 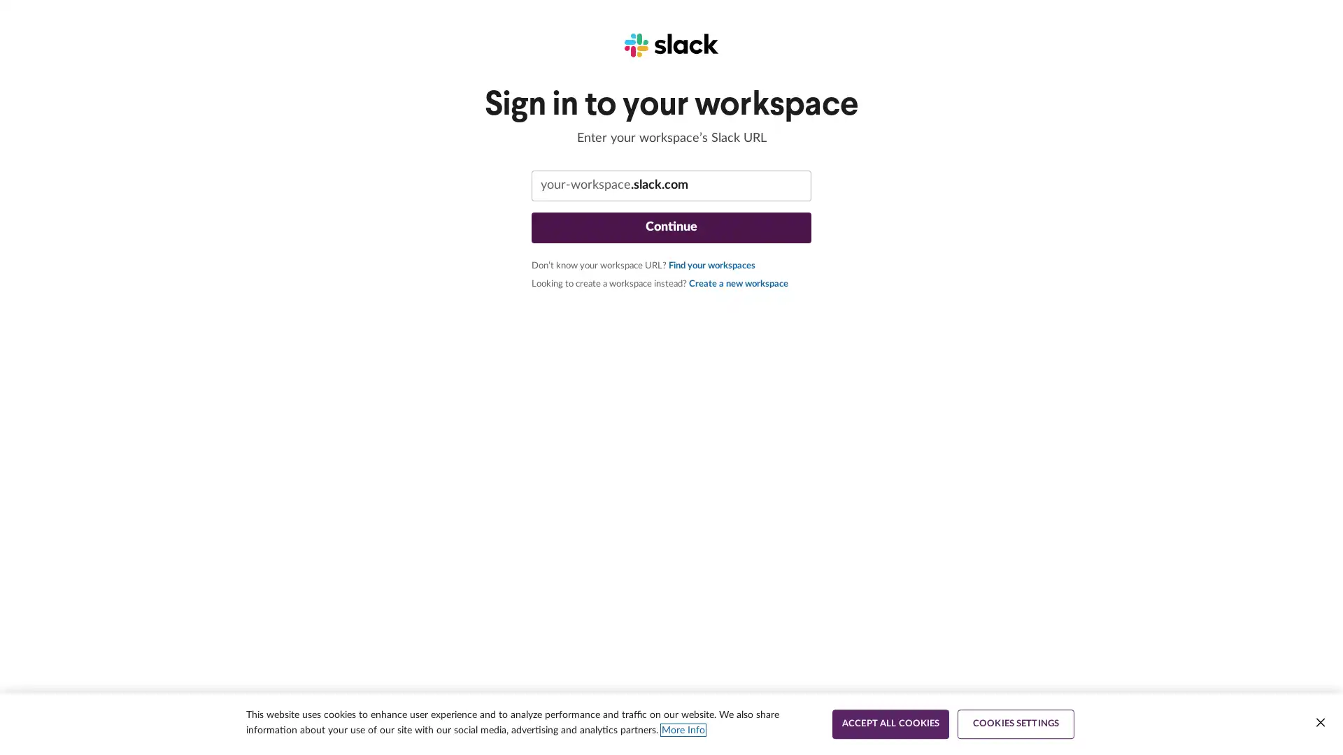 I want to click on ACCEPT ALL COOKIES, so click(x=890, y=724).